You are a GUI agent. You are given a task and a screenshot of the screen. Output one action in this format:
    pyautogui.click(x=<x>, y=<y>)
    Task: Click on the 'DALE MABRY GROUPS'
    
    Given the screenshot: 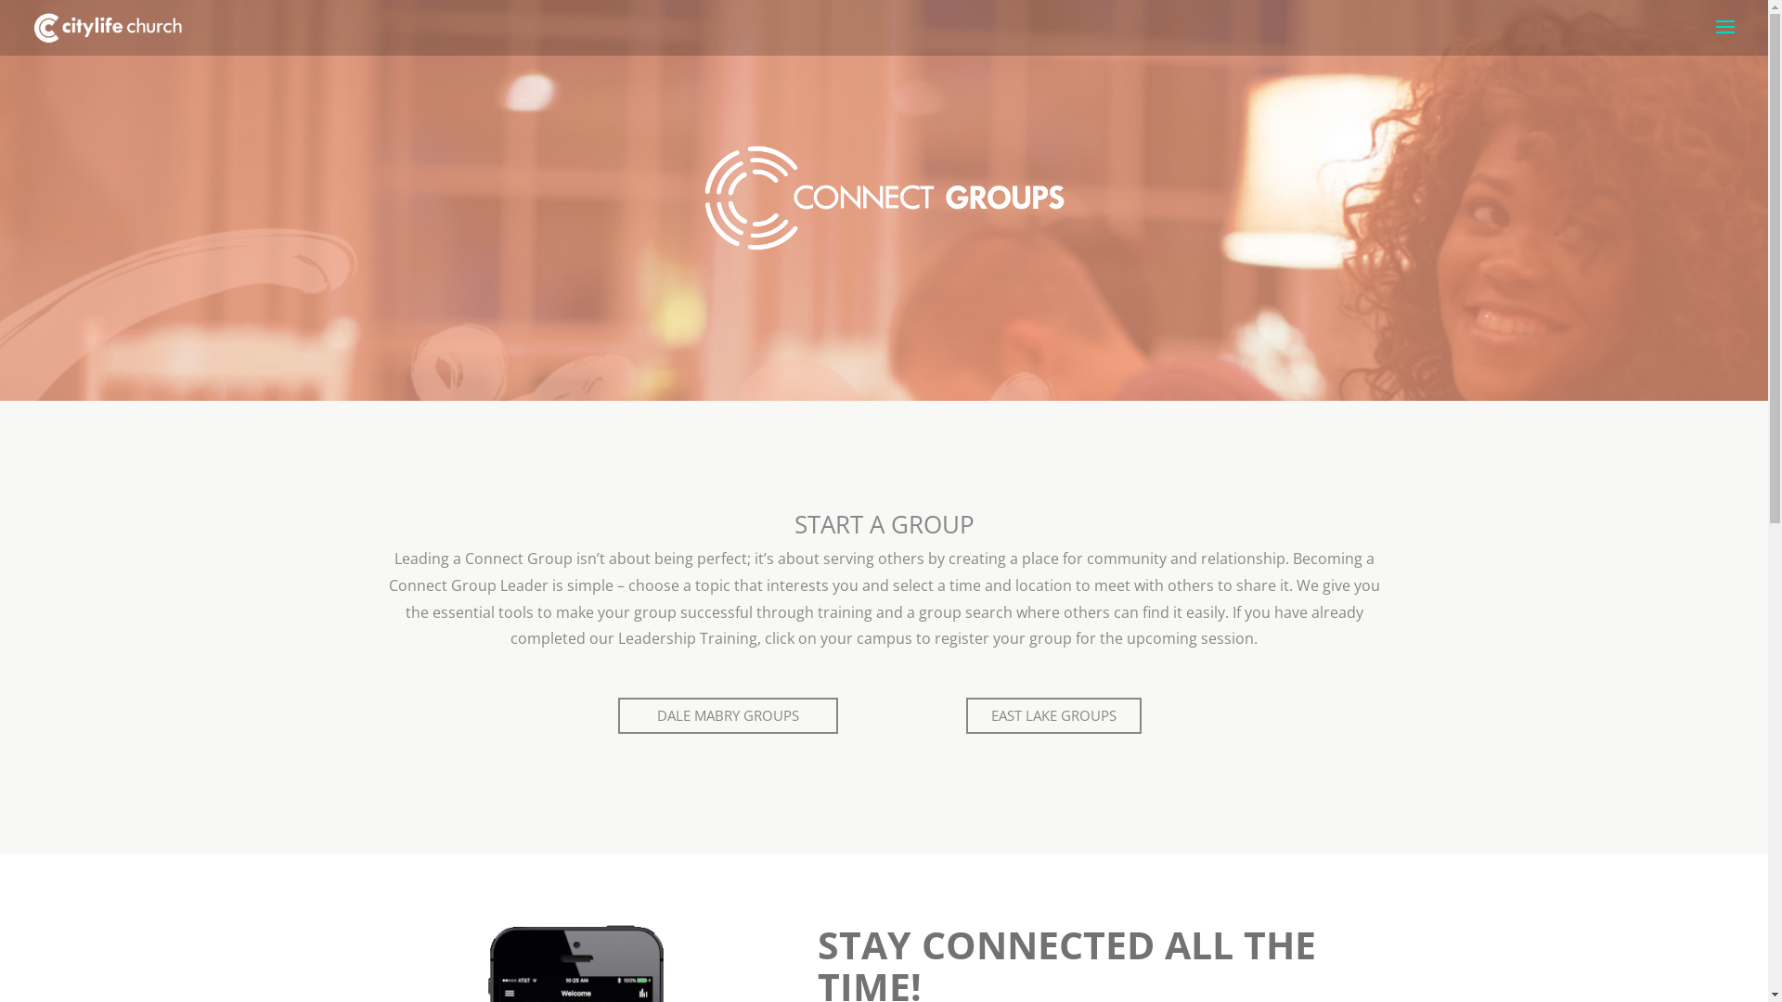 What is the action you would take?
    pyautogui.click(x=727, y=714)
    